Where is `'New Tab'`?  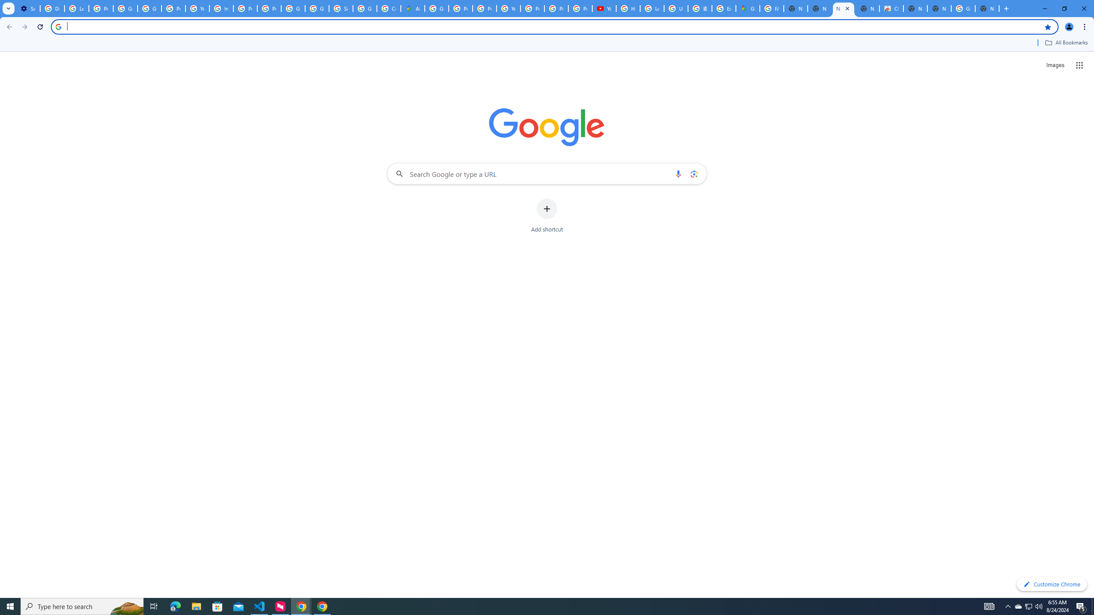
'New Tab' is located at coordinates (939, 8).